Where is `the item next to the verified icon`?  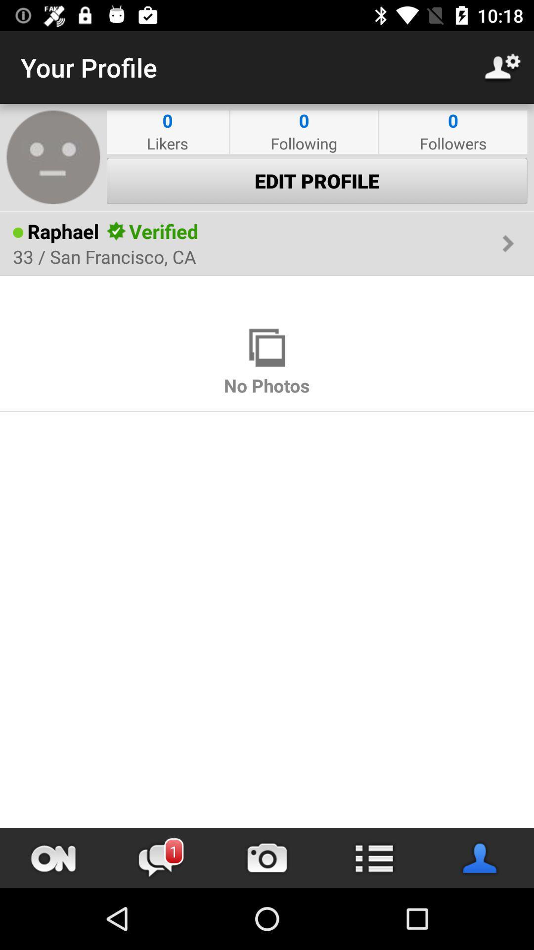
the item next to the verified icon is located at coordinates (350, 231).